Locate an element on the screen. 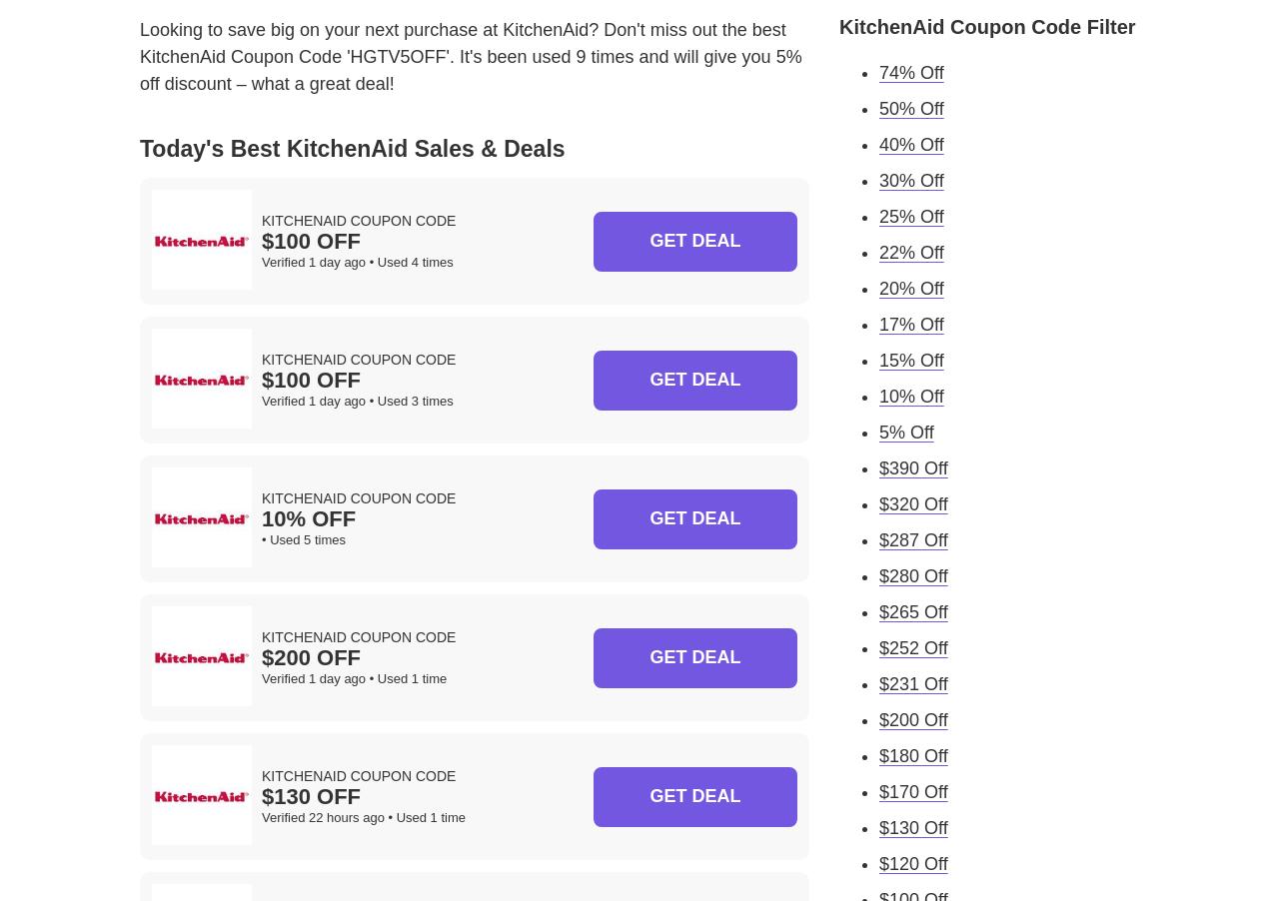 The width and height of the screenshot is (1279, 901). '30% Off' is located at coordinates (910, 179).